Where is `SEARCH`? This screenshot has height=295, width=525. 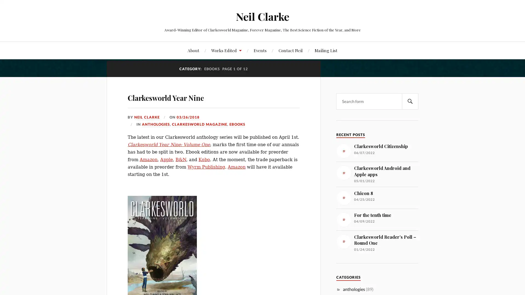 SEARCH is located at coordinates (410, 101).